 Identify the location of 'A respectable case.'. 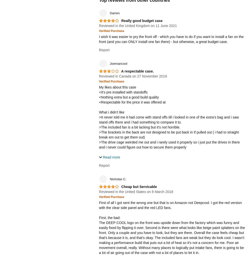
(137, 70).